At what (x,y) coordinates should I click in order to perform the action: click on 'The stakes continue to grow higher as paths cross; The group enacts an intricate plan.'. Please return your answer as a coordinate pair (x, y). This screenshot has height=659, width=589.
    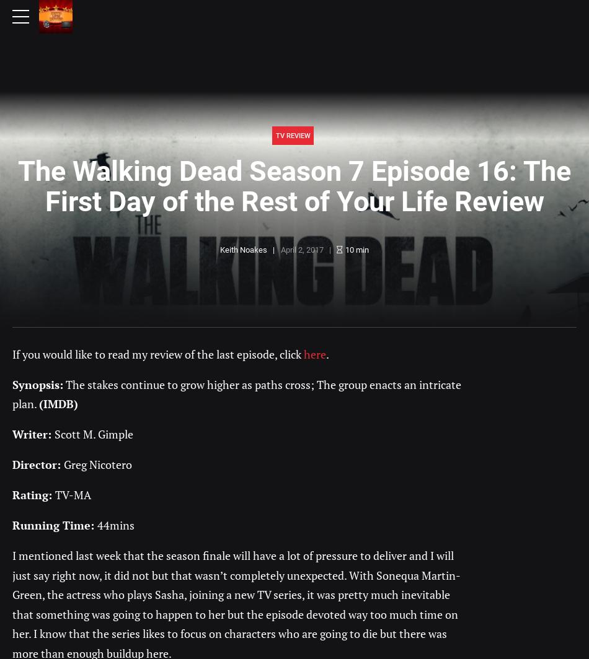
    Looking at the image, I should click on (236, 394).